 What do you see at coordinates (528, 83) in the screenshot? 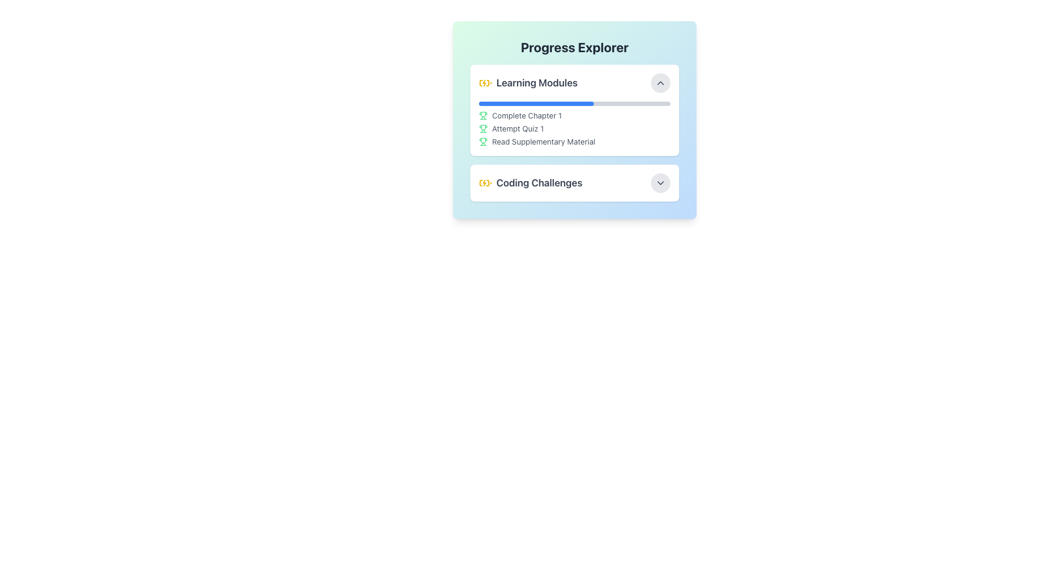
I see `the 'Learning Modules' section header icon to display or hide associated content` at bounding box center [528, 83].